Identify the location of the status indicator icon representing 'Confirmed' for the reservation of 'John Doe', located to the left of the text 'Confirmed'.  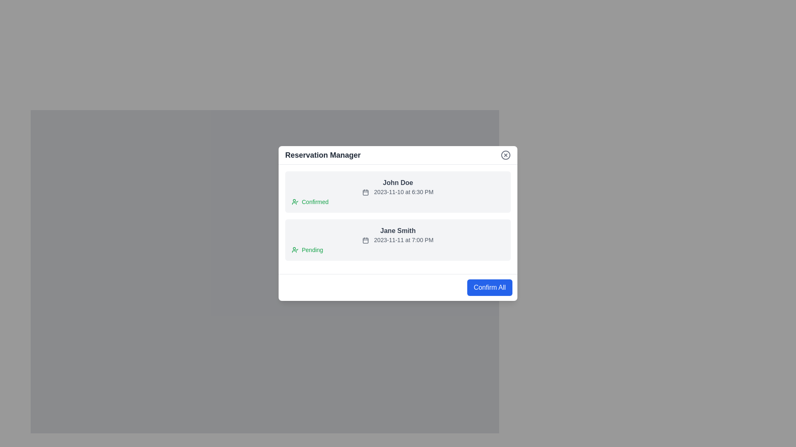
(295, 202).